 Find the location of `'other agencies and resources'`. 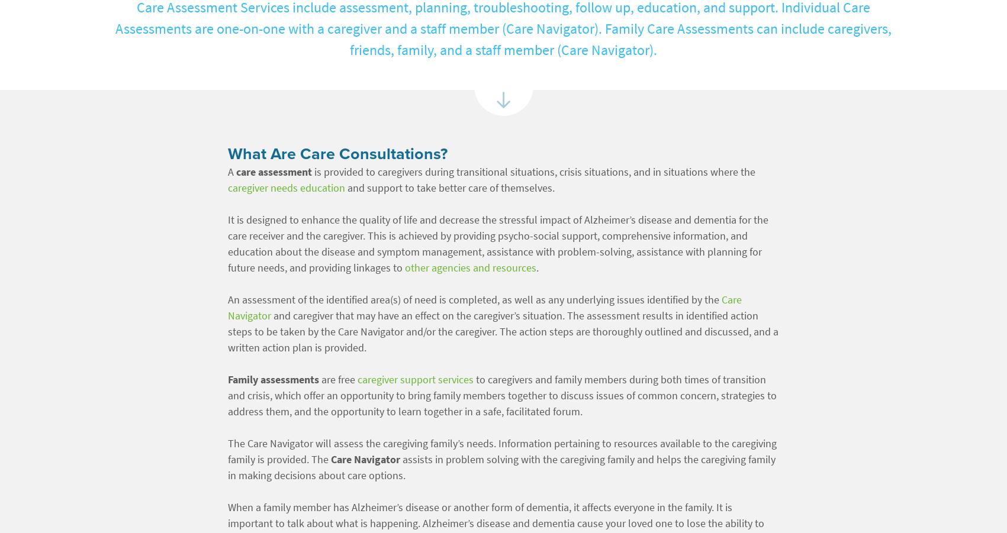

'other agencies and resources' is located at coordinates (470, 268).